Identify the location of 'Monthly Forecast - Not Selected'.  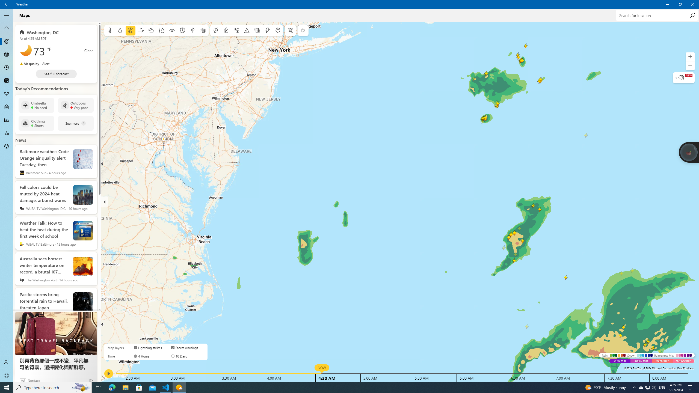
(7, 80).